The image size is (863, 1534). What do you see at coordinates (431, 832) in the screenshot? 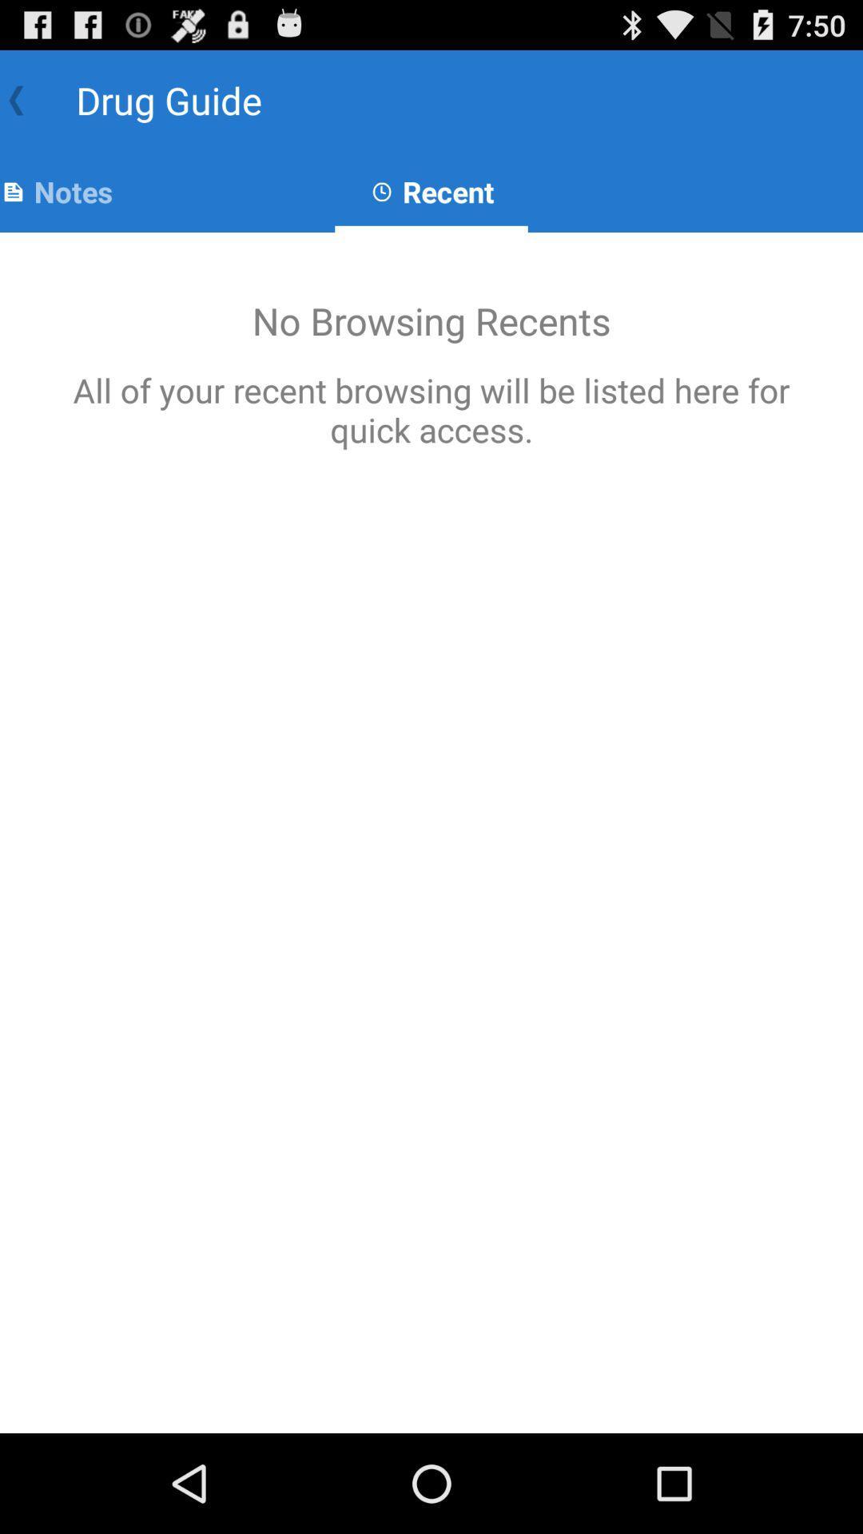
I see `the app below   notes` at bounding box center [431, 832].